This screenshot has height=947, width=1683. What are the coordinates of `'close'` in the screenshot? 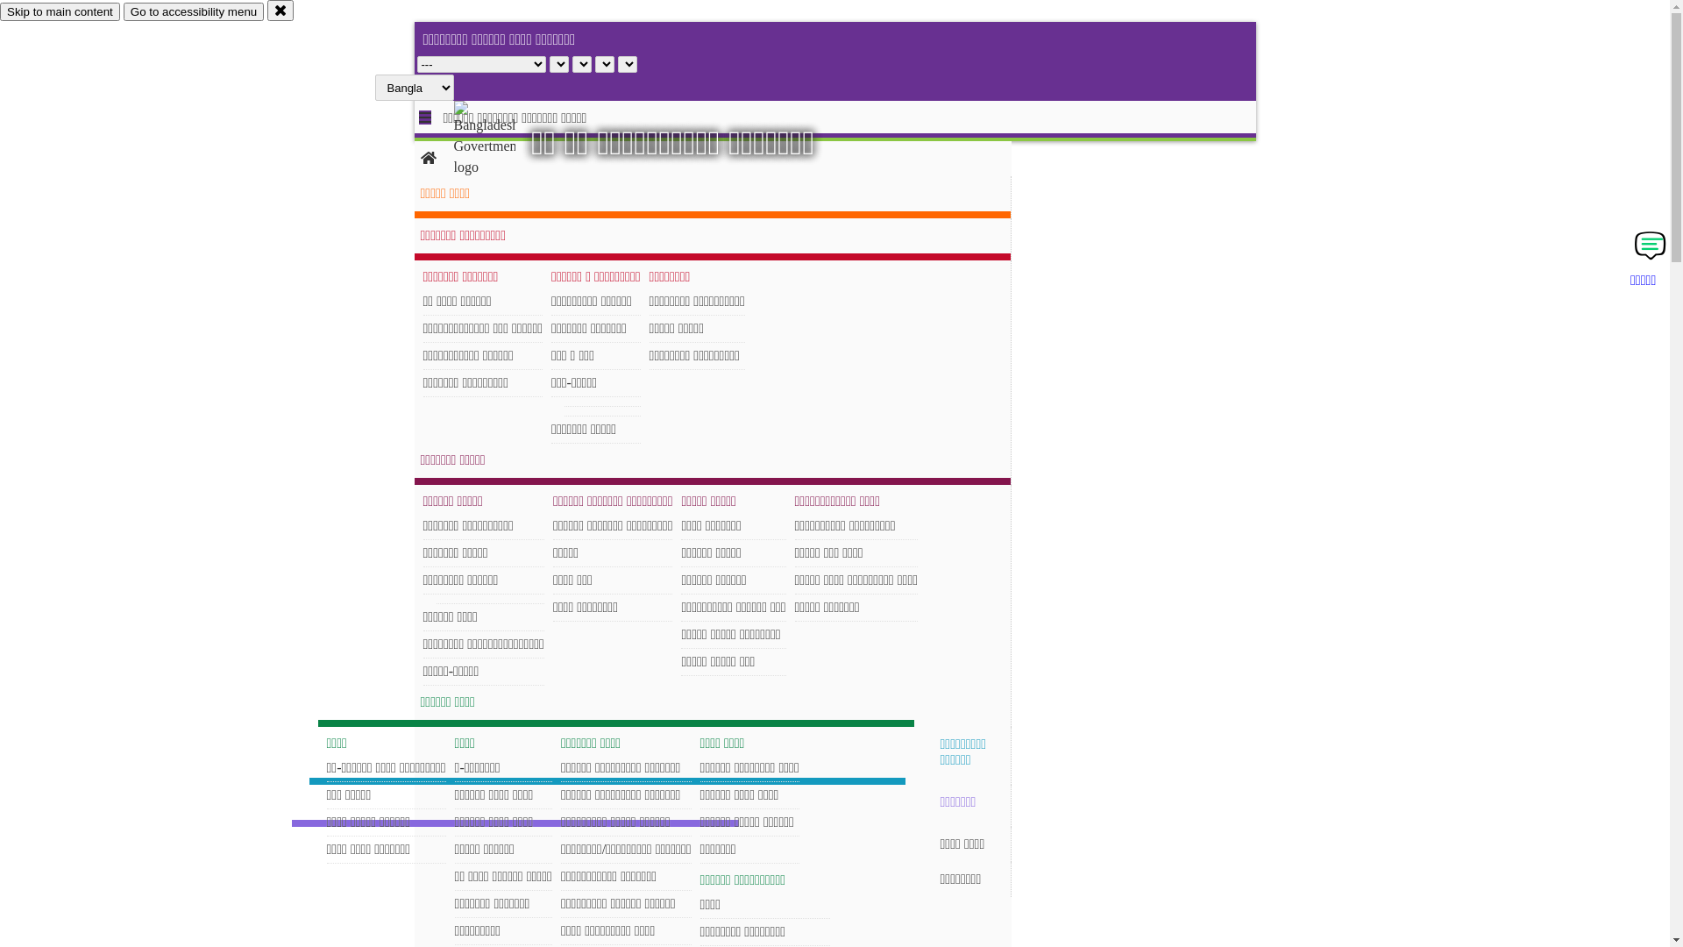 It's located at (266, 10).